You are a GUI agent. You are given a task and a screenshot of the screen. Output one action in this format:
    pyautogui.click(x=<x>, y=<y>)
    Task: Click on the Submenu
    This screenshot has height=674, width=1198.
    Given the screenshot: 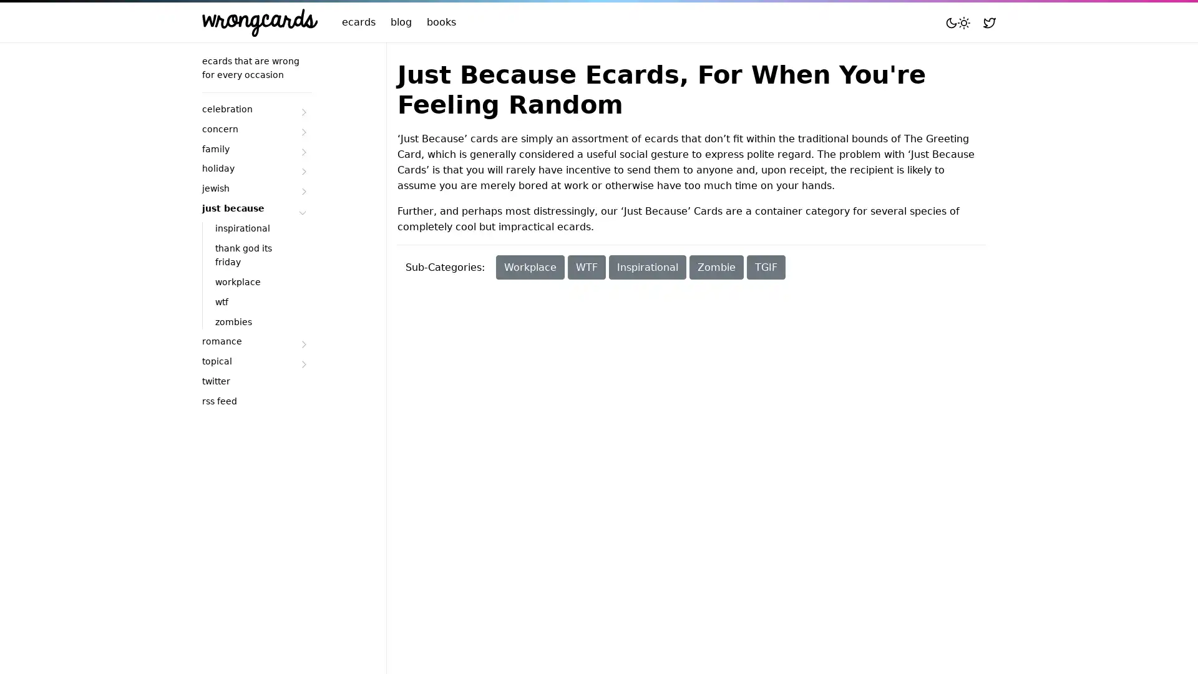 What is the action you would take?
    pyautogui.click(x=302, y=132)
    